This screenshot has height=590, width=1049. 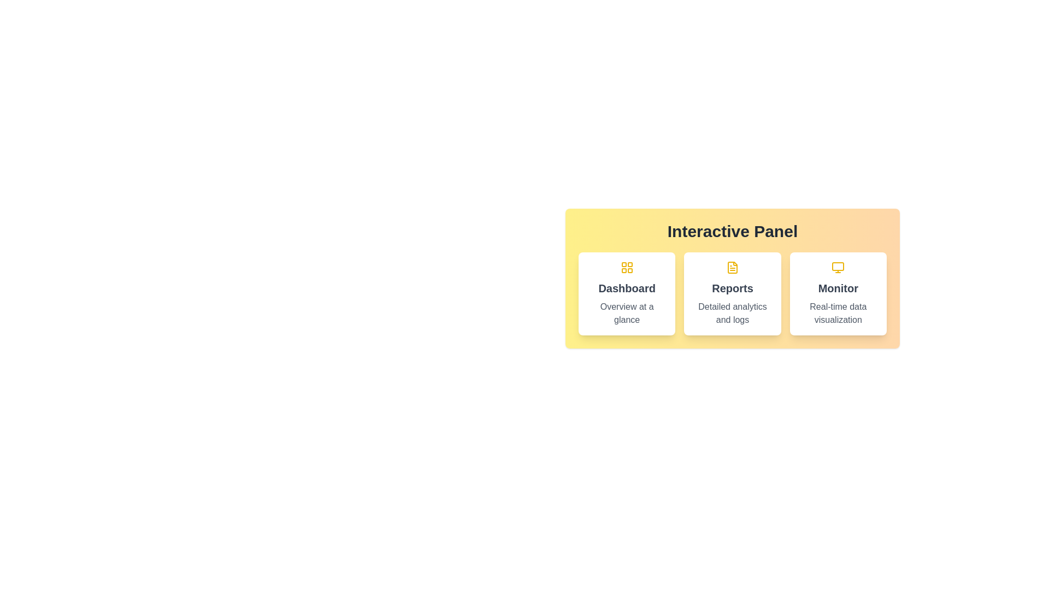 I want to click on the panel titled Monitor, so click(x=838, y=293).